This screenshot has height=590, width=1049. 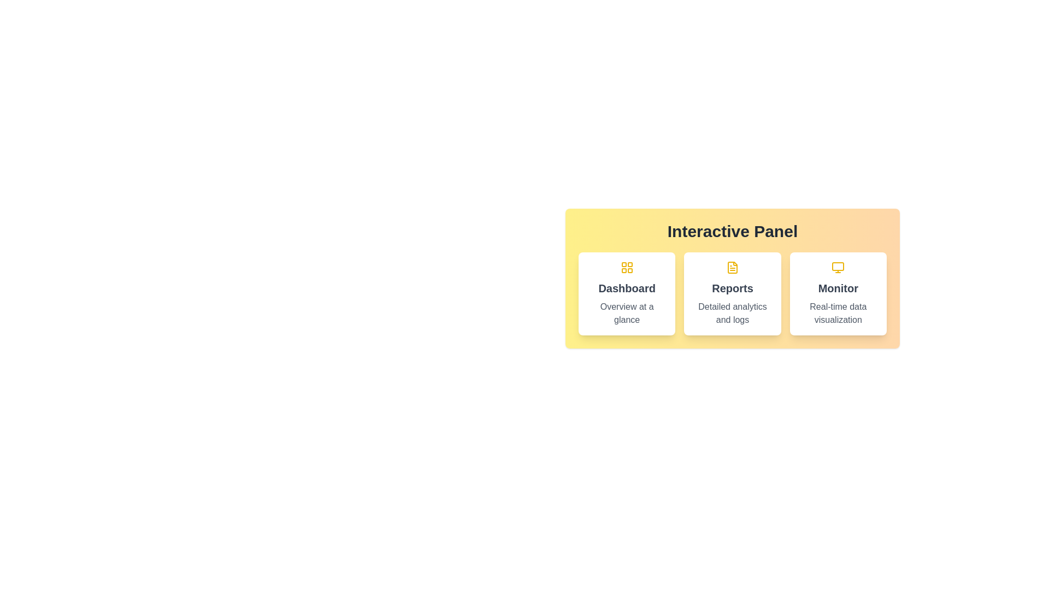 I want to click on the panel titled Monitor, so click(x=838, y=293).